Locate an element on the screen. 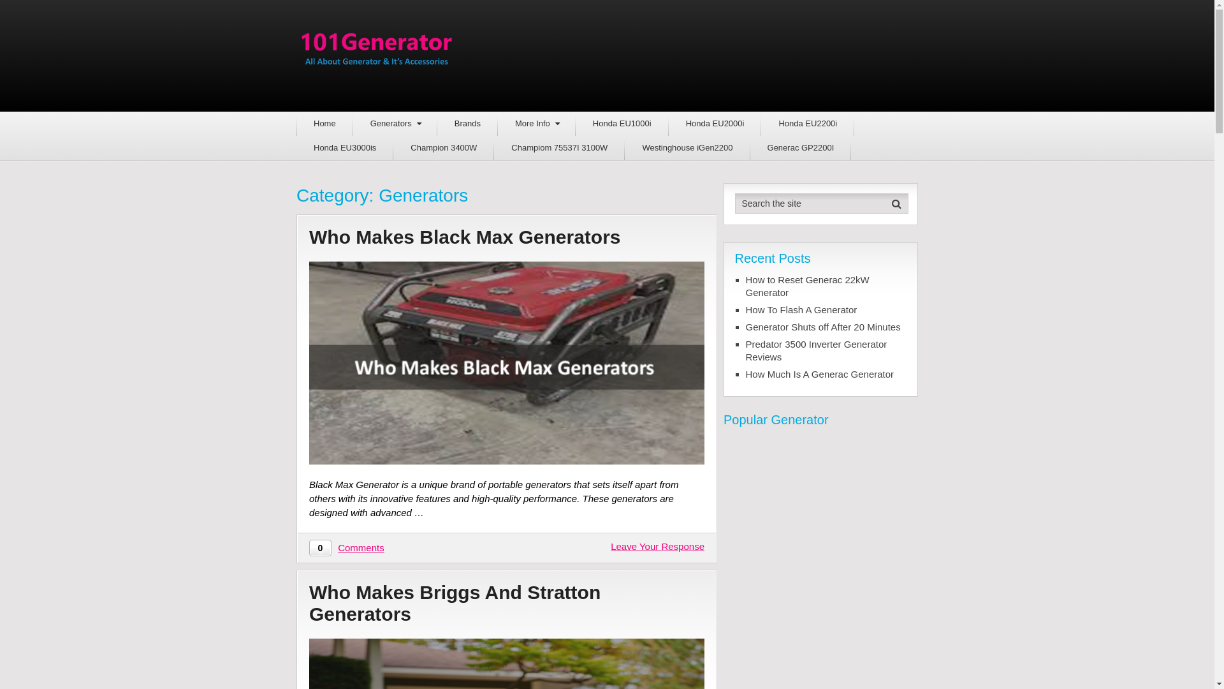 Image resolution: width=1224 pixels, height=689 pixels. 'How to Reset Generac 22kW Generator' is located at coordinates (826, 285).